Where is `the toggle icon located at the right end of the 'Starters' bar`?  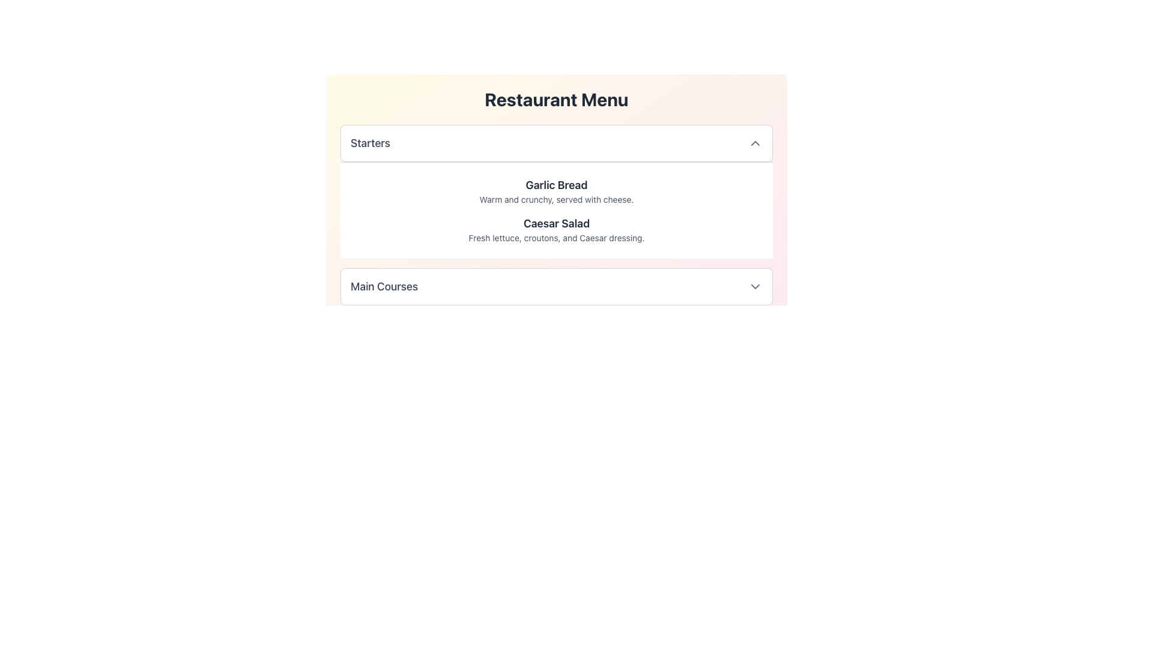 the toggle icon located at the right end of the 'Starters' bar is located at coordinates (754, 143).